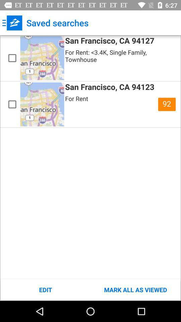 This screenshot has width=181, height=322. I want to click on item at the bottom left corner, so click(45, 289).